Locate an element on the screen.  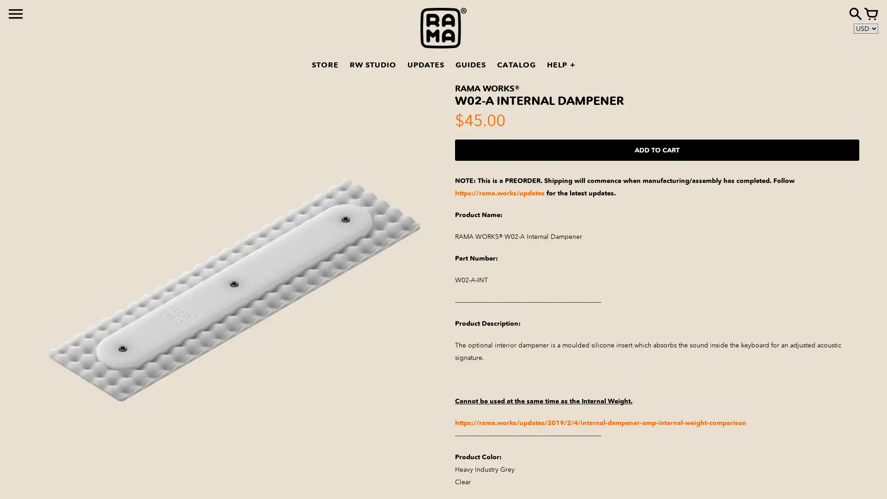
ADD TO CART is located at coordinates (656, 149).